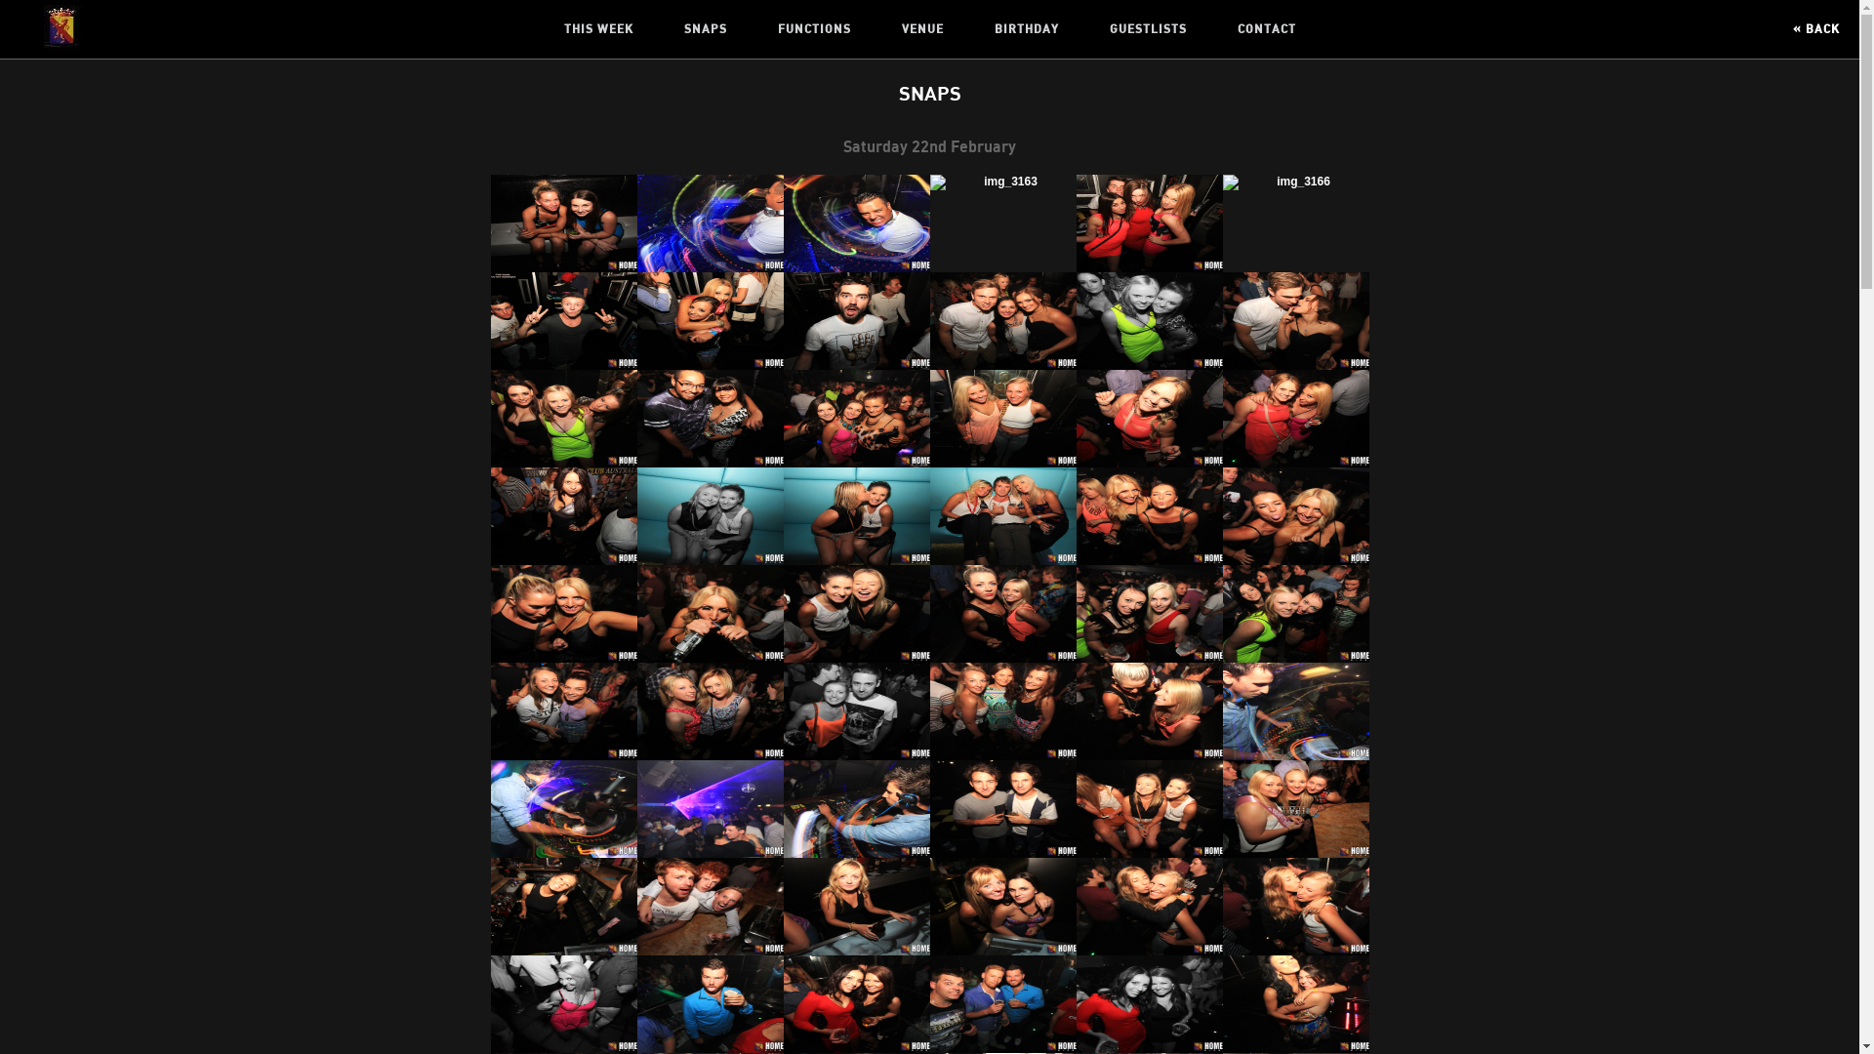 This screenshot has width=1874, height=1054. What do you see at coordinates (856, 222) in the screenshot?
I see `' '` at bounding box center [856, 222].